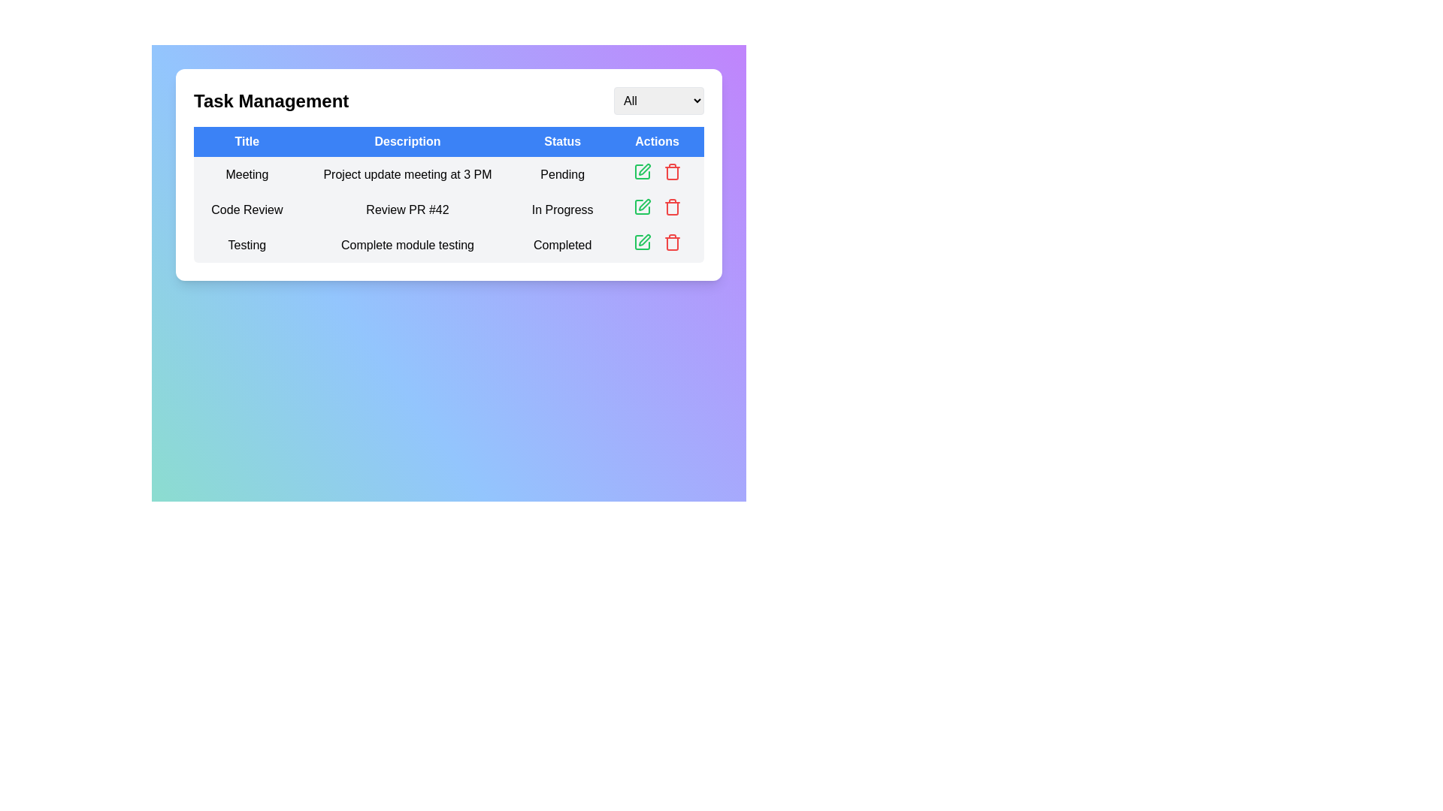  What do you see at coordinates (642, 207) in the screenshot?
I see `the green pen icon button in the 'Actions' column of the second row` at bounding box center [642, 207].